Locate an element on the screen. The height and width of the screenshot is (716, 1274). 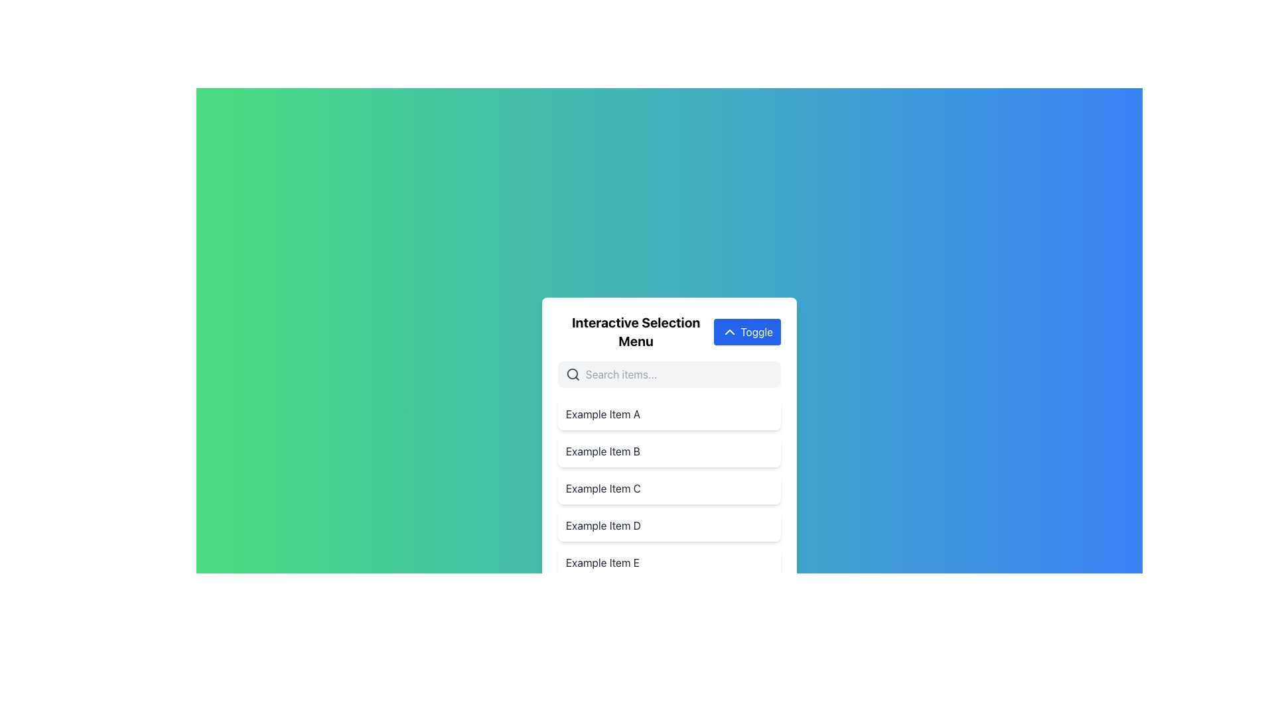
the second list item labeled 'Example Item B' is located at coordinates (669, 451).